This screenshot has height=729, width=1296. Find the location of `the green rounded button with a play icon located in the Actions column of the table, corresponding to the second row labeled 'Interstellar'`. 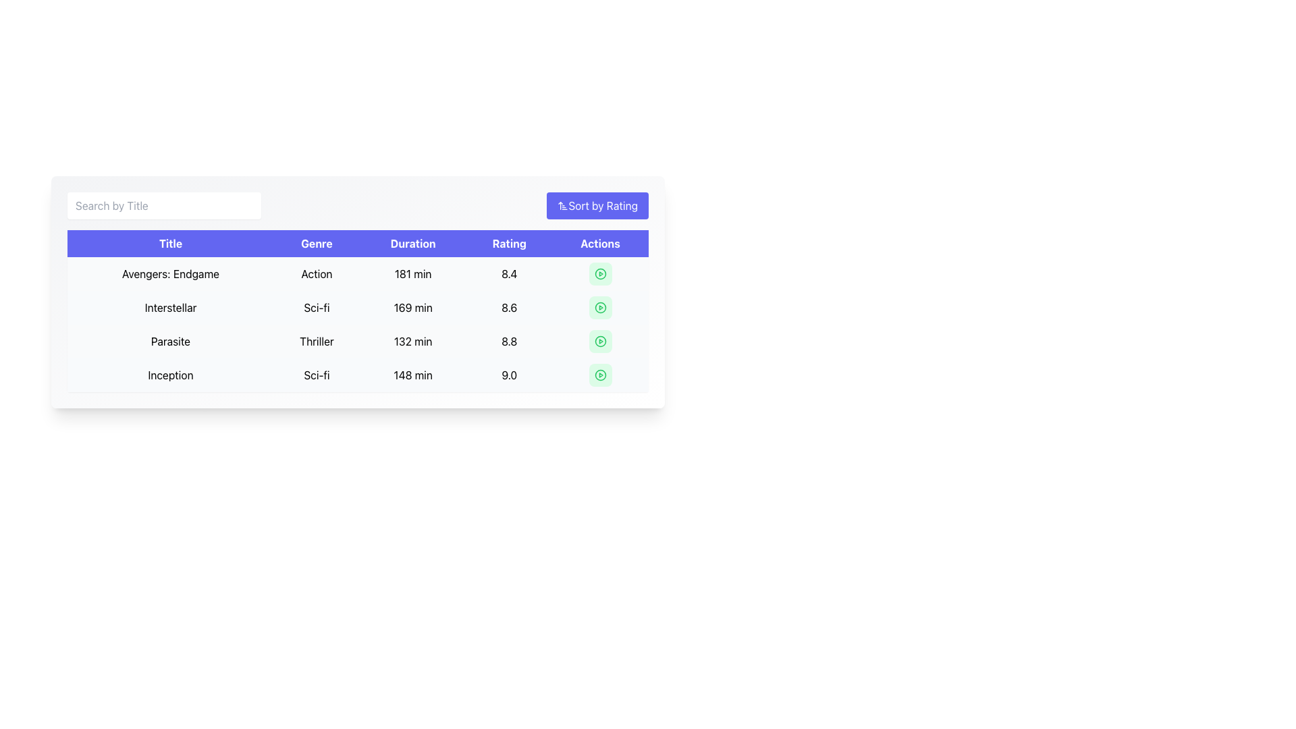

the green rounded button with a play icon located in the Actions column of the table, corresponding to the second row labeled 'Interstellar' is located at coordinates (599, 307).